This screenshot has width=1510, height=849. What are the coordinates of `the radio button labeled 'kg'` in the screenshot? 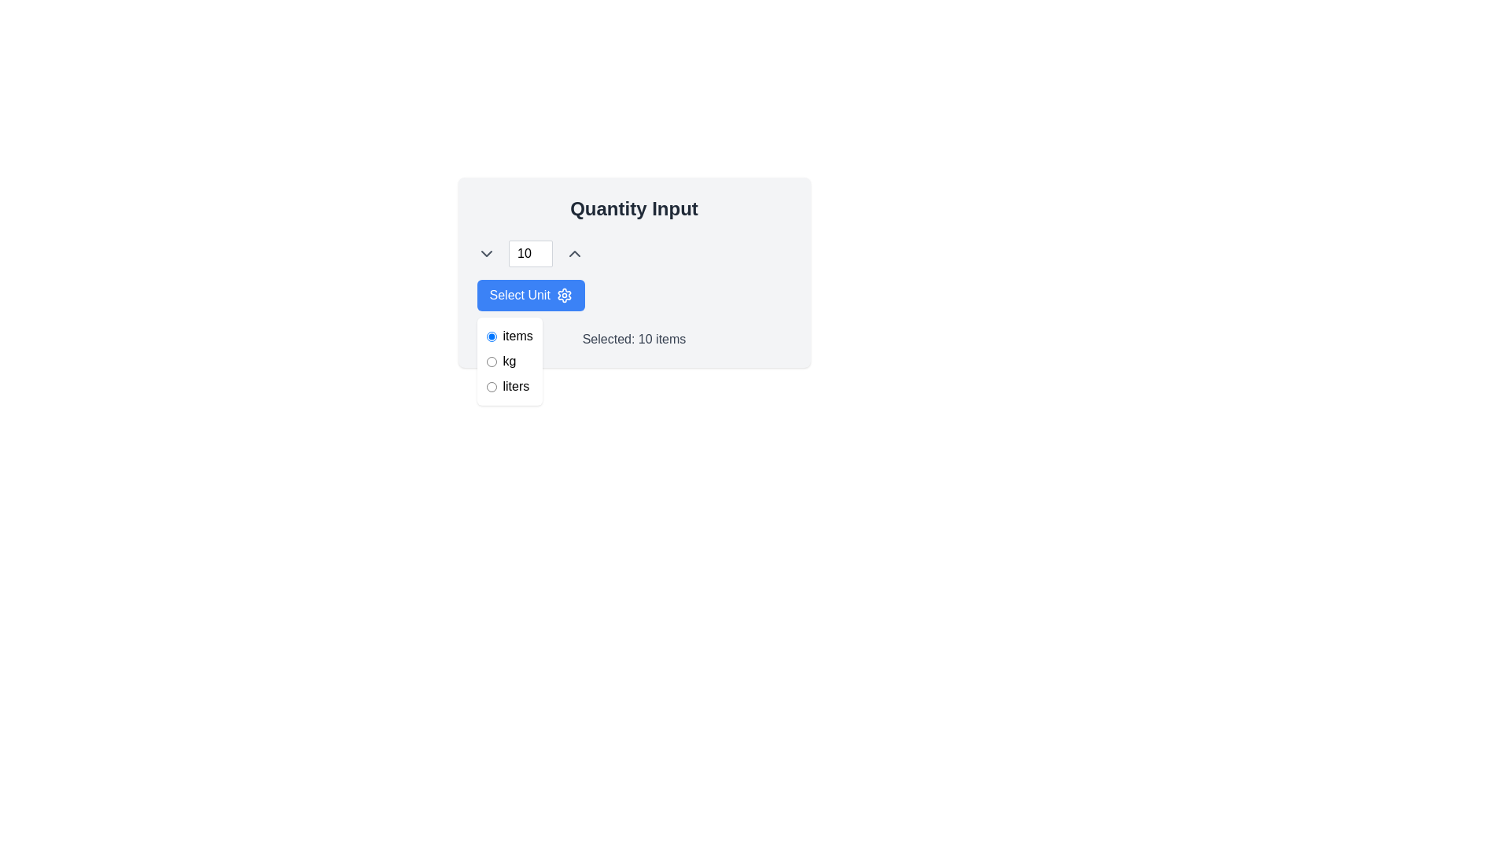 It's located at (510, 361).